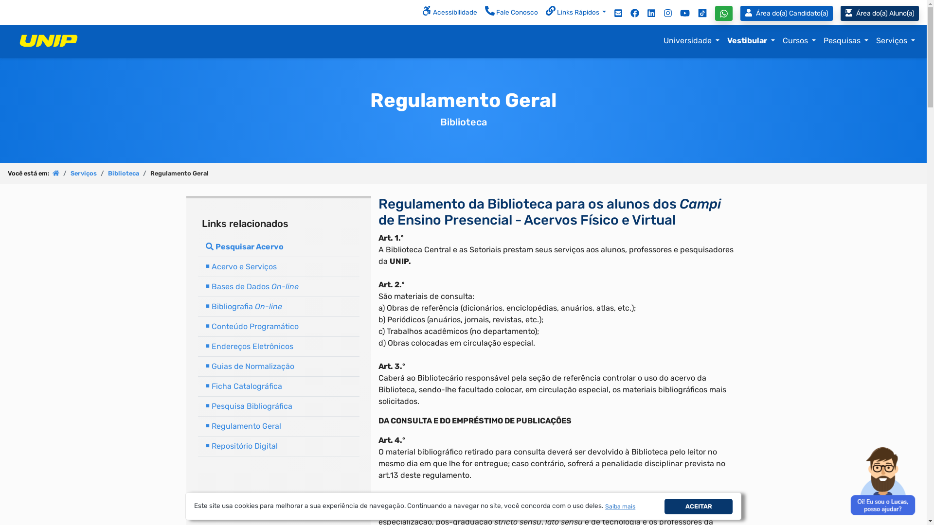 This screenshot has width=934, height=525. Describe the element at coordinates (449, 13) in the screenshot. I see `'Acessibilidade'` at that location.